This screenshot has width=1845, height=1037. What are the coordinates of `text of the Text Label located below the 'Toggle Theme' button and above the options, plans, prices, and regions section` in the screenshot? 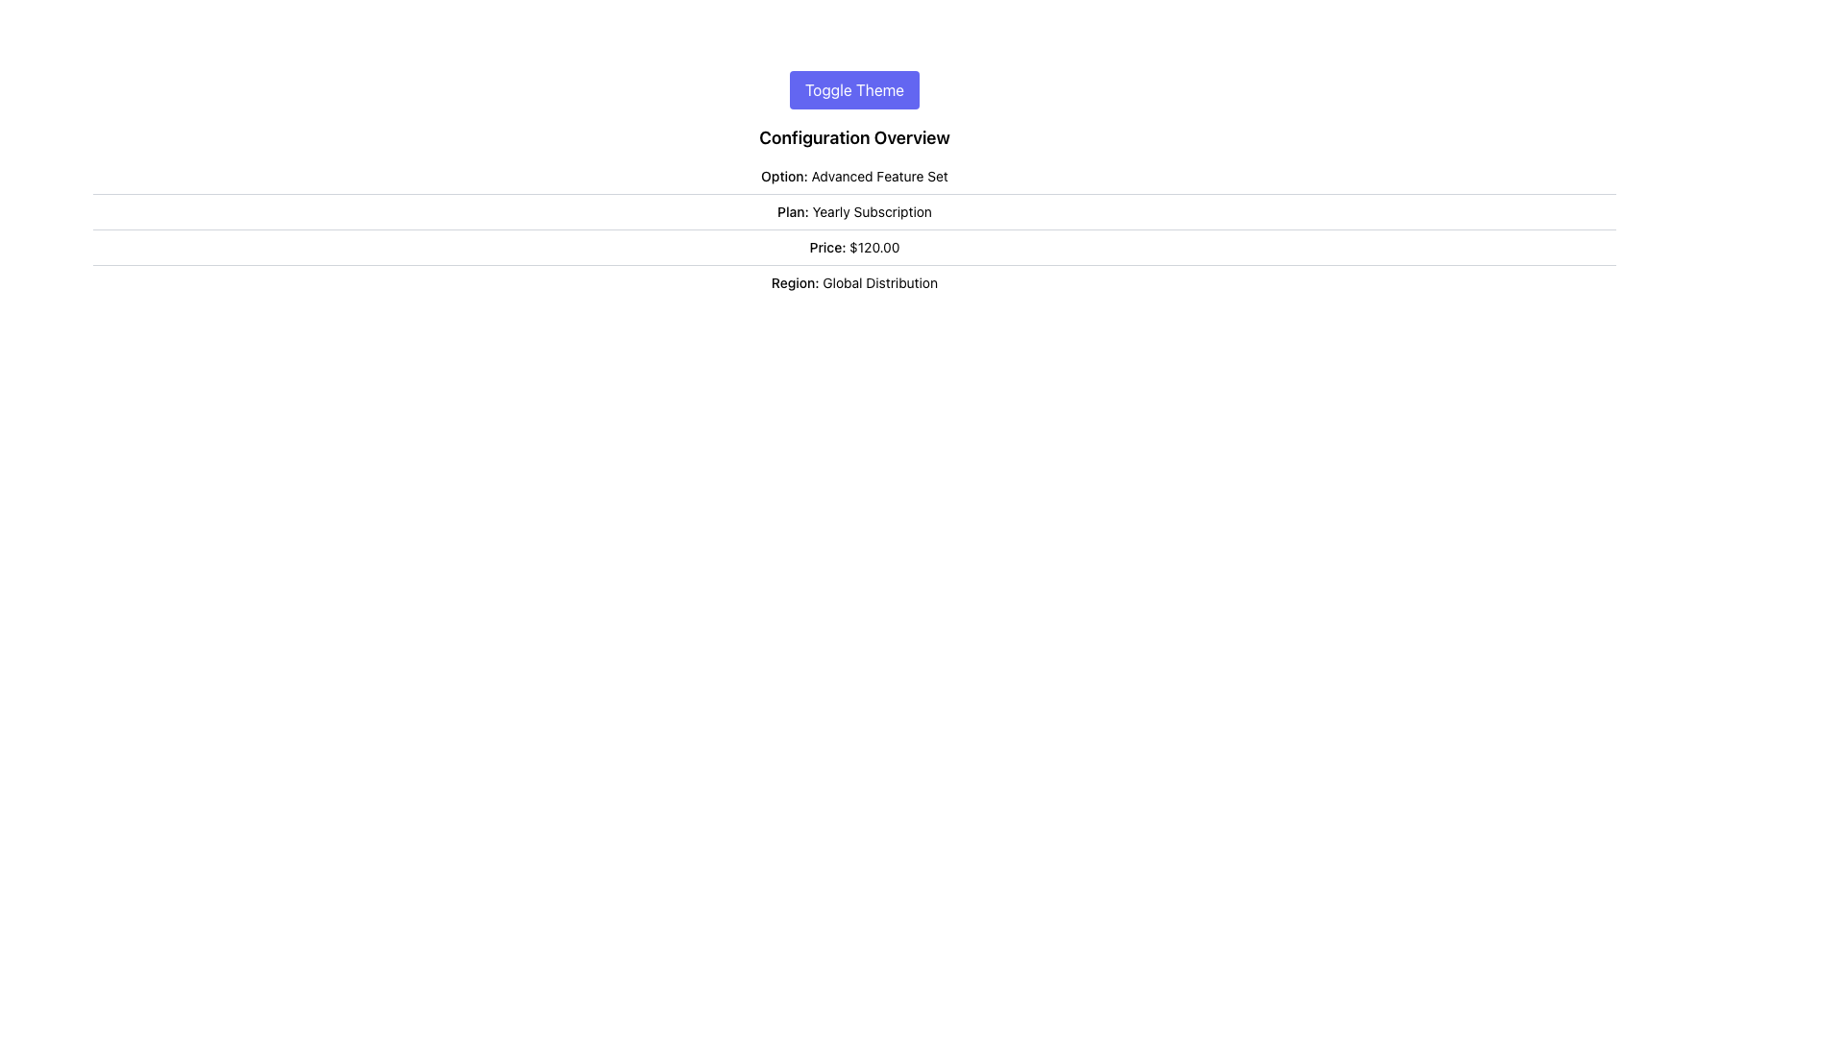 It's located at (853, 136).